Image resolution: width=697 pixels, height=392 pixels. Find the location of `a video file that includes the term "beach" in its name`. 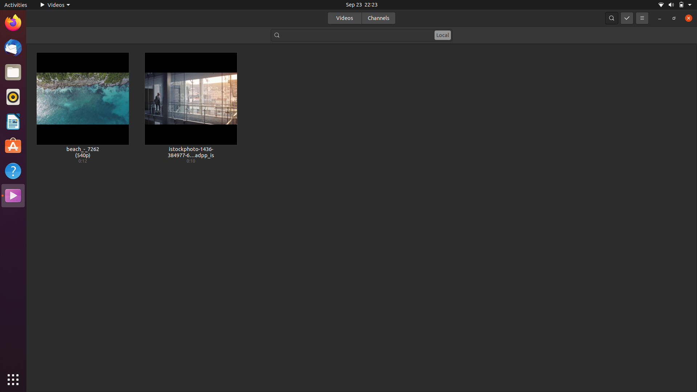

a video file that includes the term "beach" in its name is located at coordinates (362, 34).